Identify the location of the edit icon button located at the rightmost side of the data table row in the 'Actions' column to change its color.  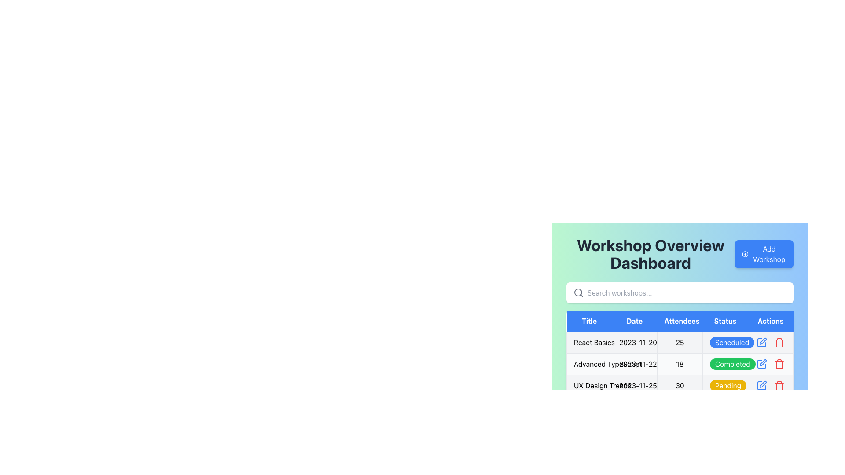
(761, 342).